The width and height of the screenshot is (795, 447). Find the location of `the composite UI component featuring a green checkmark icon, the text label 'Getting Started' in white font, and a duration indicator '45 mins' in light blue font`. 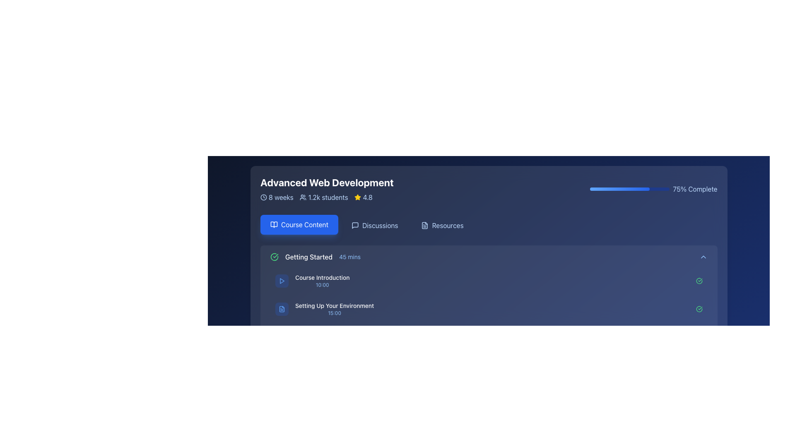

the composite UI component featuring a green checkmark icon, the text label 'Getting Started' in white font, and a duration indicator '45 mins' in light blue font is located at coordinates (315, 257).